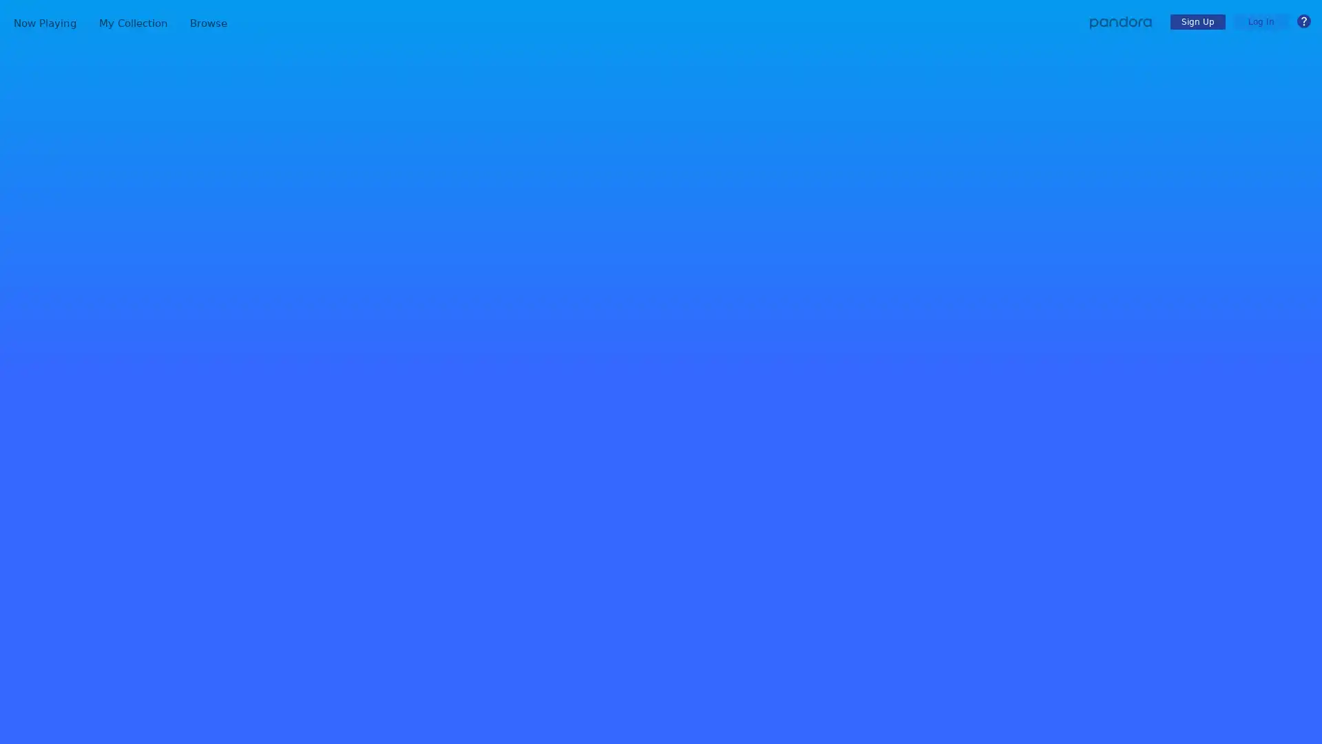 The height and width of the screenshot is (744, 1322). I want to click on 56:24, so click(1140, 555).